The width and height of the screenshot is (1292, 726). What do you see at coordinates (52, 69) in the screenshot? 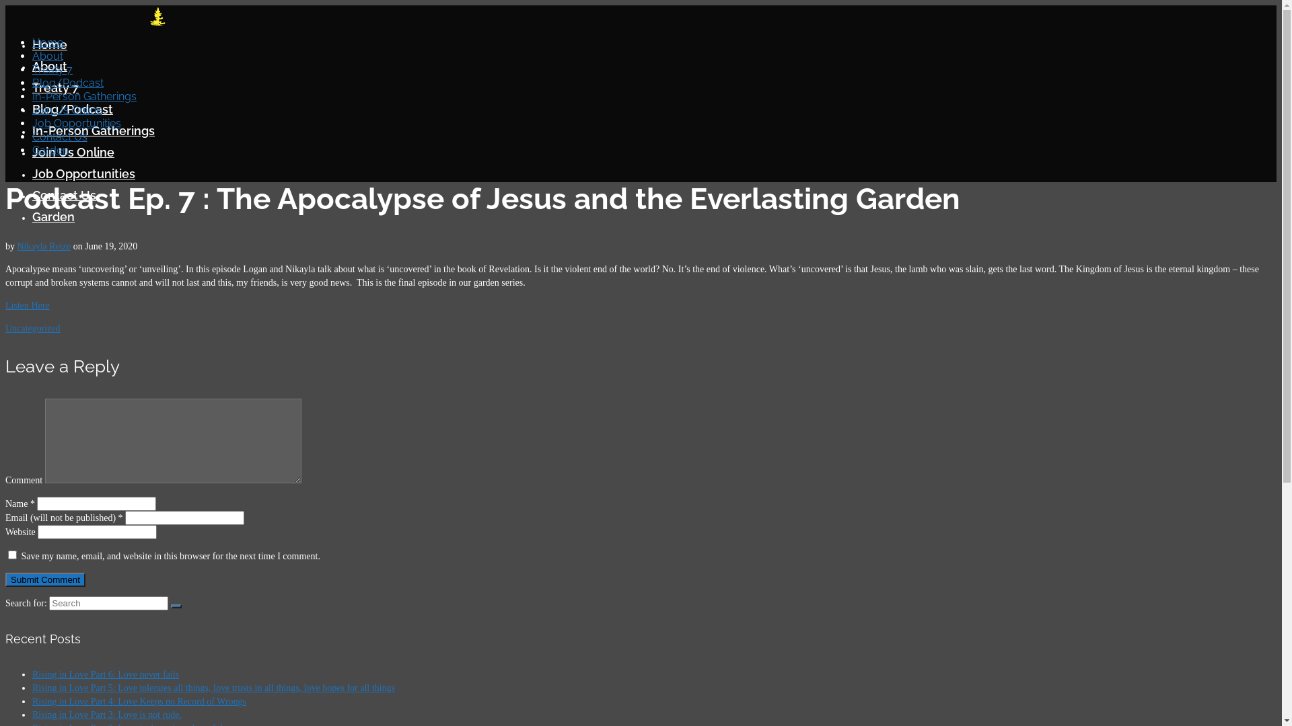
I see `'Treaty 7'` at bounding box center [52, 69].